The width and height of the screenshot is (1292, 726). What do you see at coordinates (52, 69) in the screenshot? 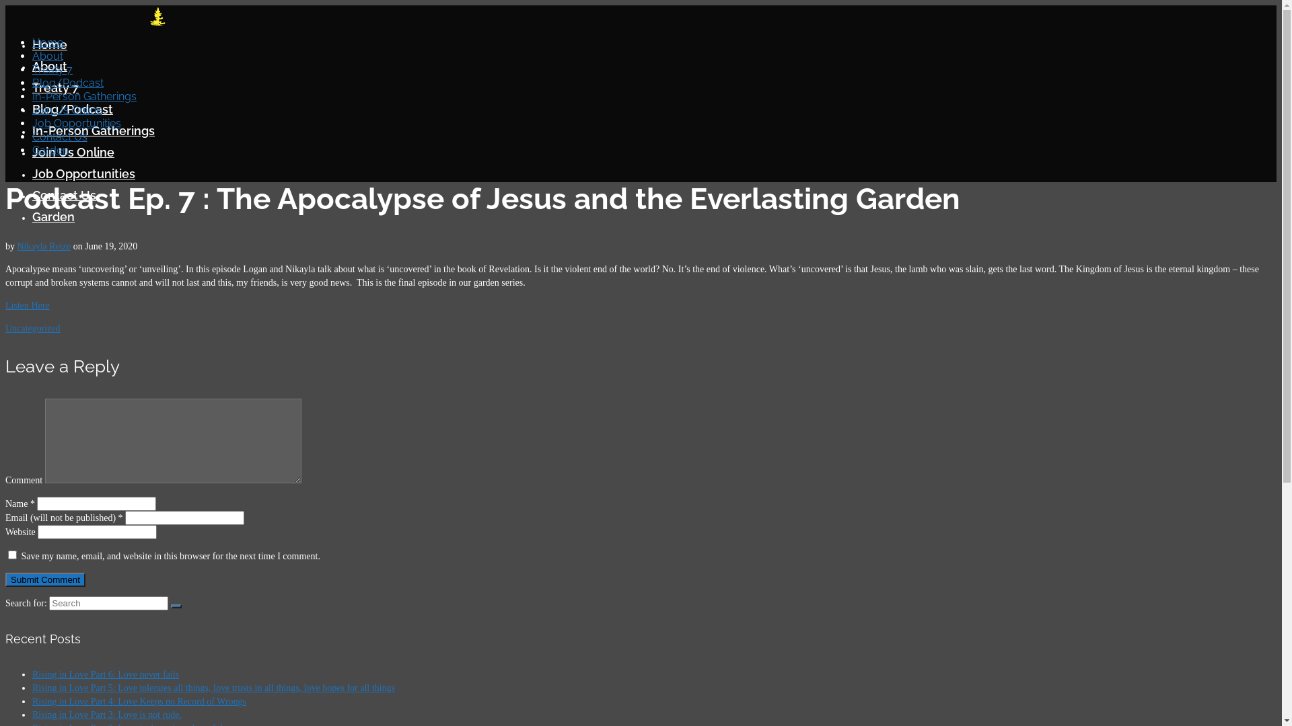
I see `'Treaty 7'` at bounding box center [52, 69].